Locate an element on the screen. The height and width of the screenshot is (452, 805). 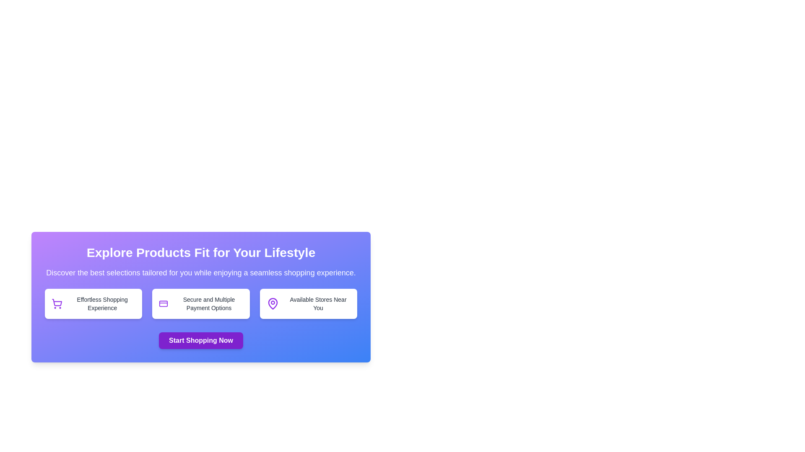
the decorative location-based icon represented by the outer shape of a pin, located on the rightmost card in a row of three cards at the bottom of the interface is located at coordinates (273, 303).